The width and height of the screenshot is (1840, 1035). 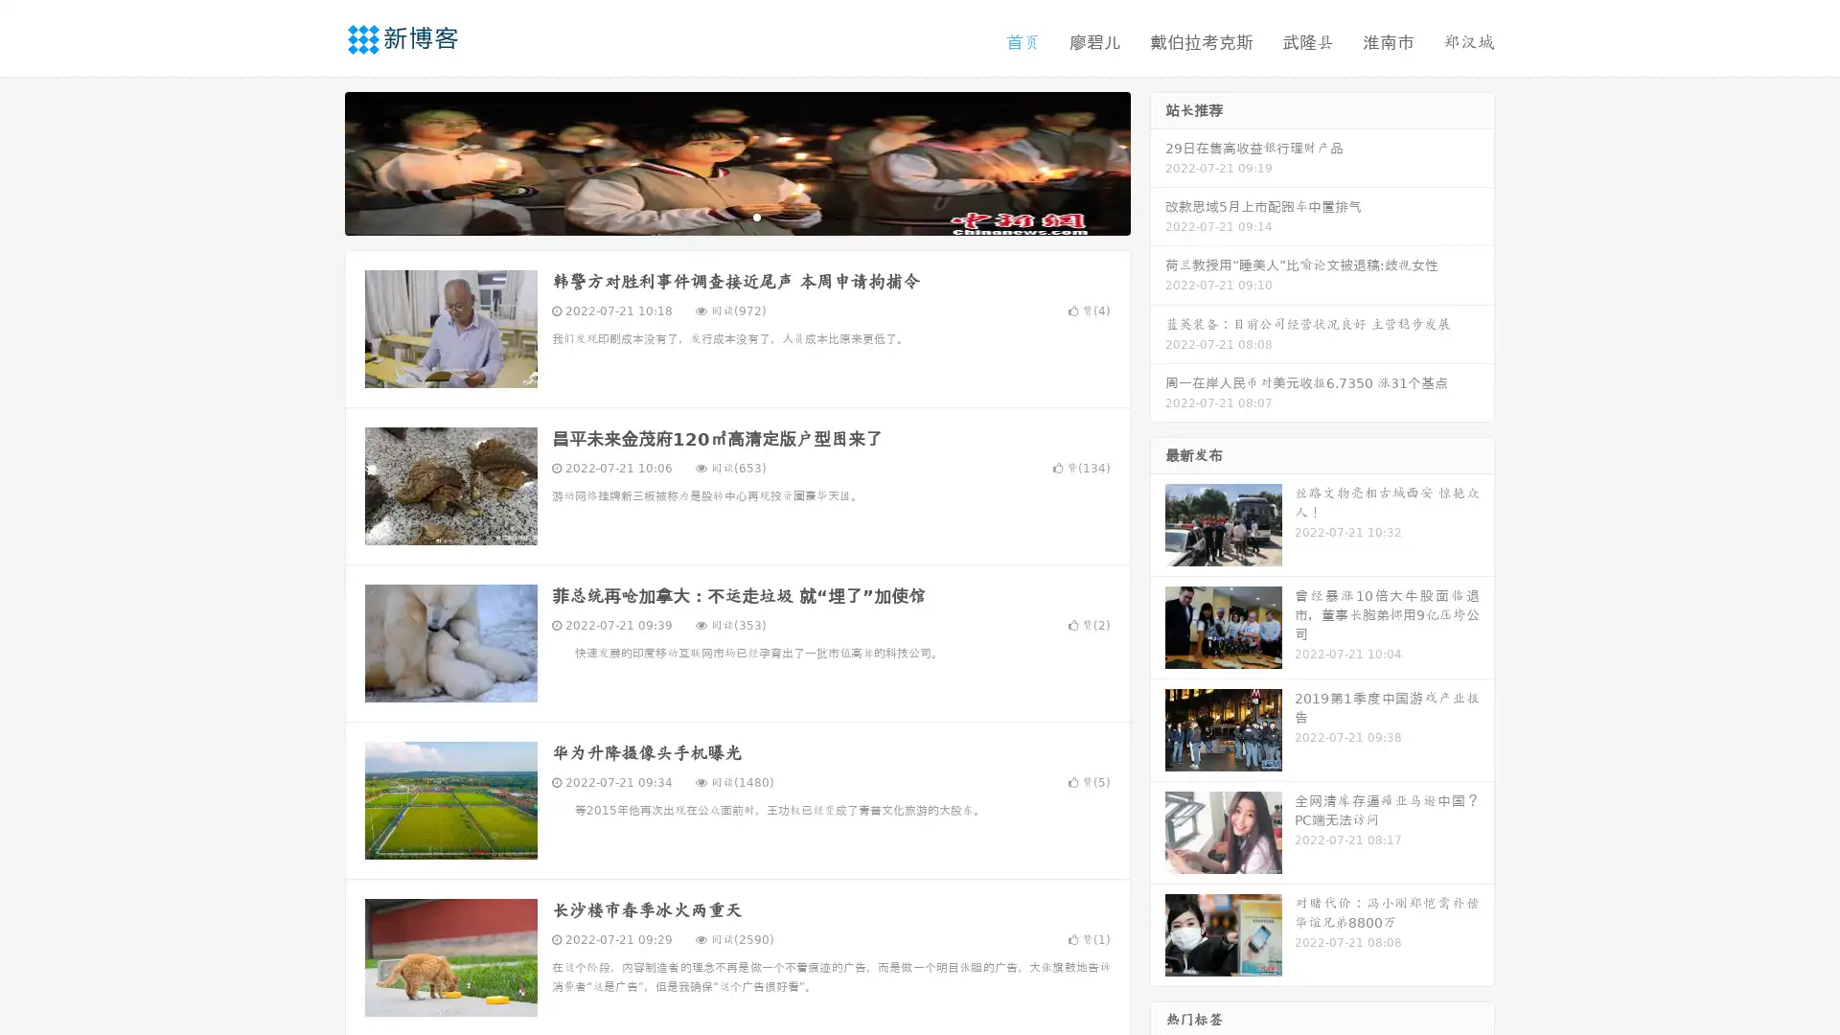 What do you see at coordinates (1158, 161) in the screenshot?
I see `Next slide` at bounding box center [1158, 161].